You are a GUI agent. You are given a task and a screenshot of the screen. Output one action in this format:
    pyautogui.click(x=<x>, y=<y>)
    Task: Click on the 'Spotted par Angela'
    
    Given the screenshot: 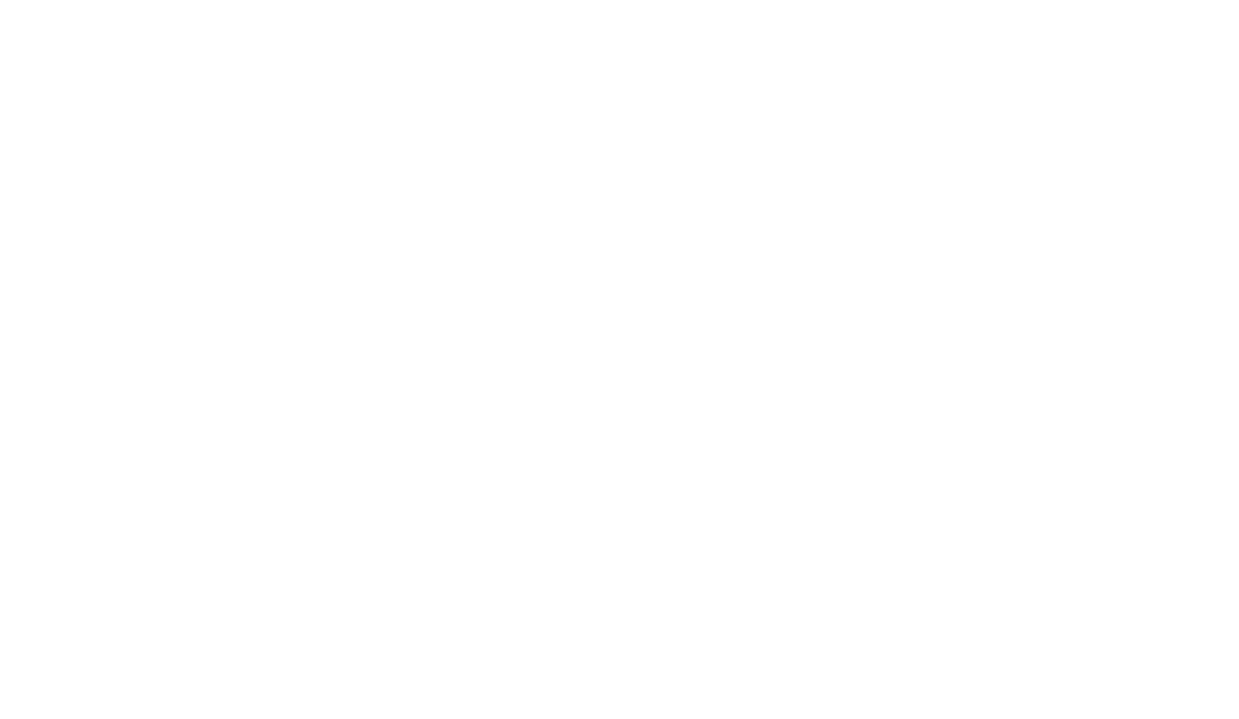 What is the action you would take?
    pyautogui.click(x=247, y=173)
    